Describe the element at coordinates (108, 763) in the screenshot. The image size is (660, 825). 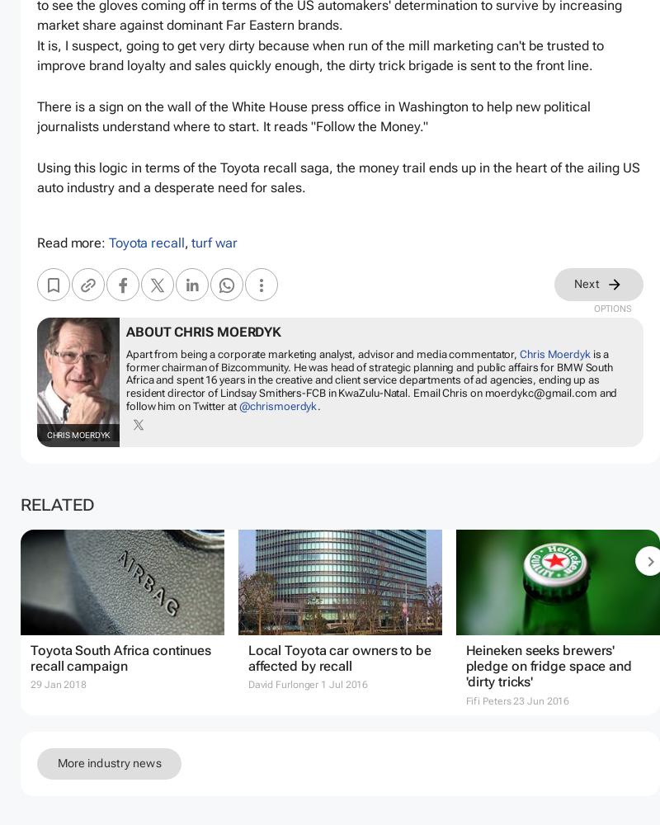
I see `'More industry news'` at that location.